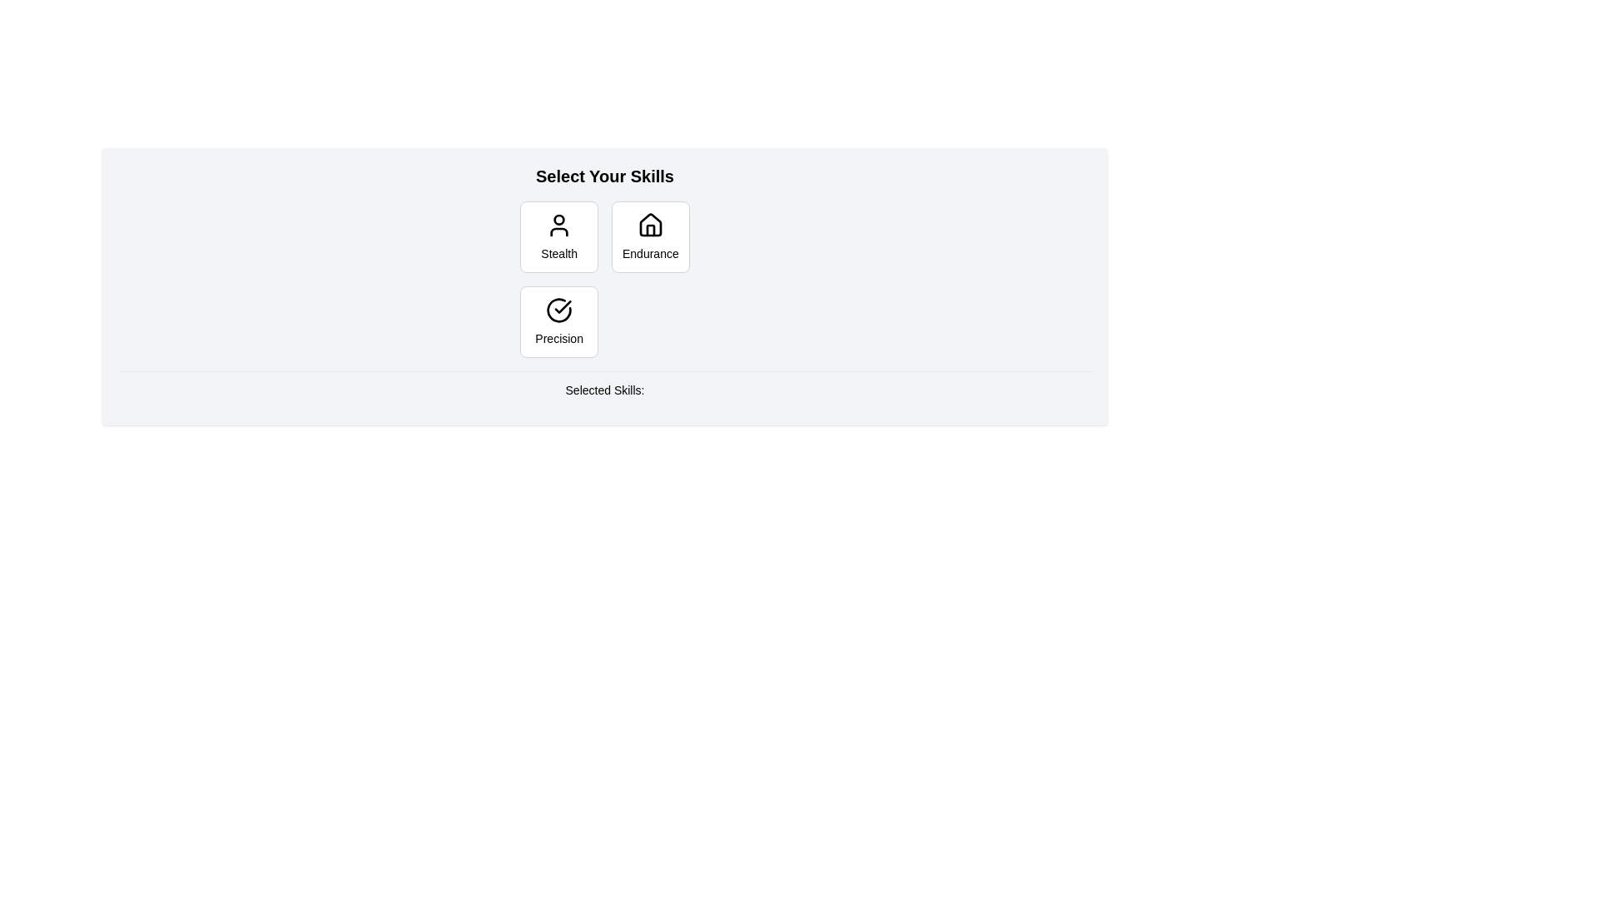  I want to click on the 'Endurance' card, which features a house icon and is located in the first row of a grid layout, so click(649, 237).